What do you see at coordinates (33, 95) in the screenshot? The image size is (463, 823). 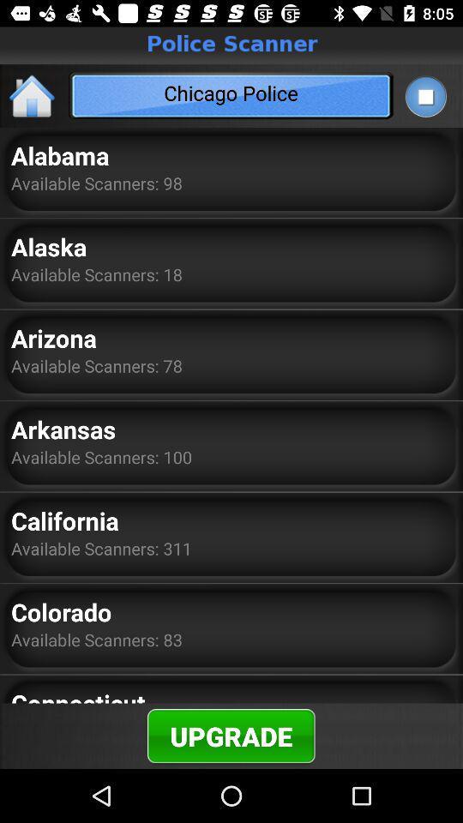 I see `home` at bounding box center [33, 95].